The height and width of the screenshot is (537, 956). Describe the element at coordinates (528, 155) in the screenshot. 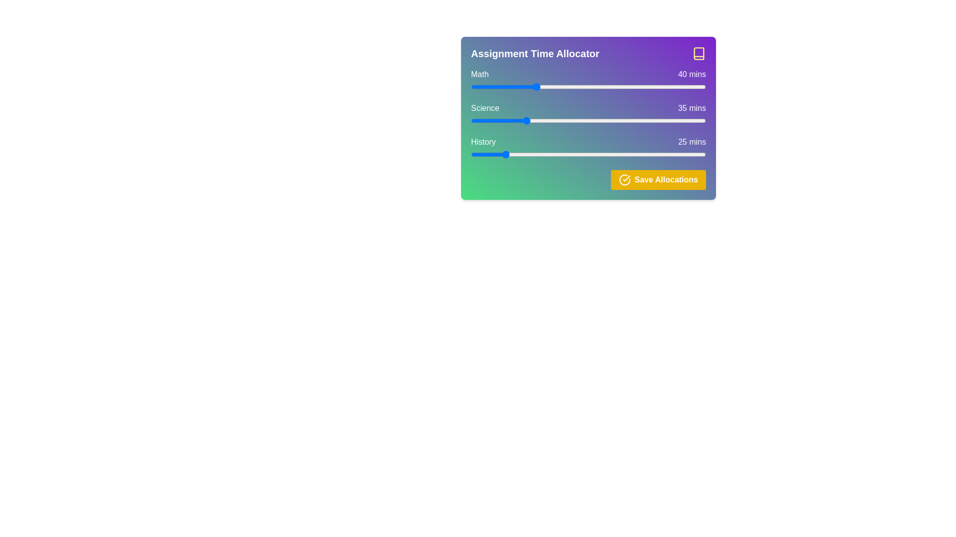

I see `the history allocation time` at that location.